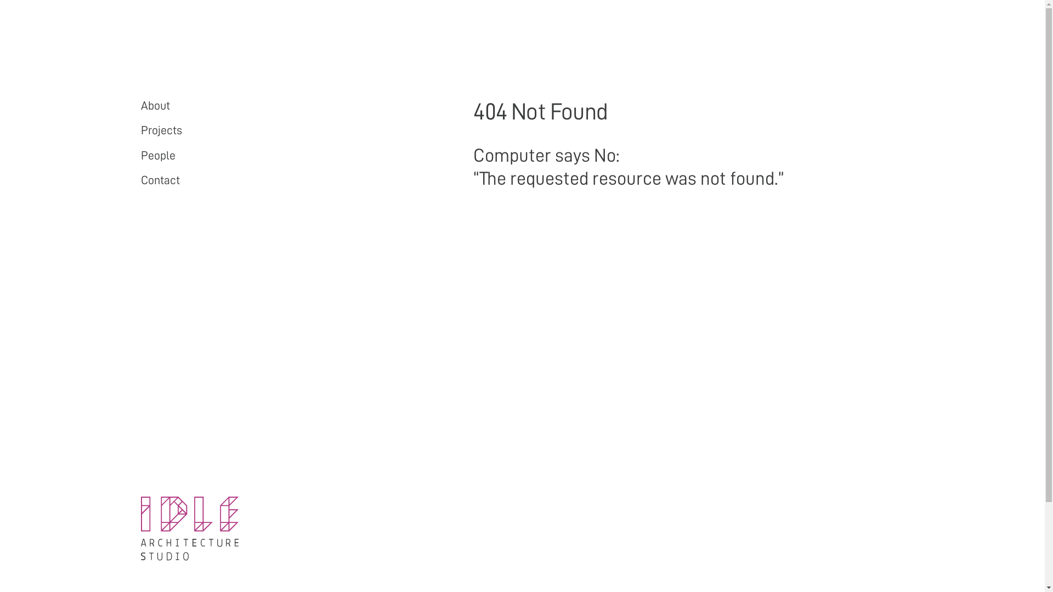  I want to click on 'About', so click(154, 105).